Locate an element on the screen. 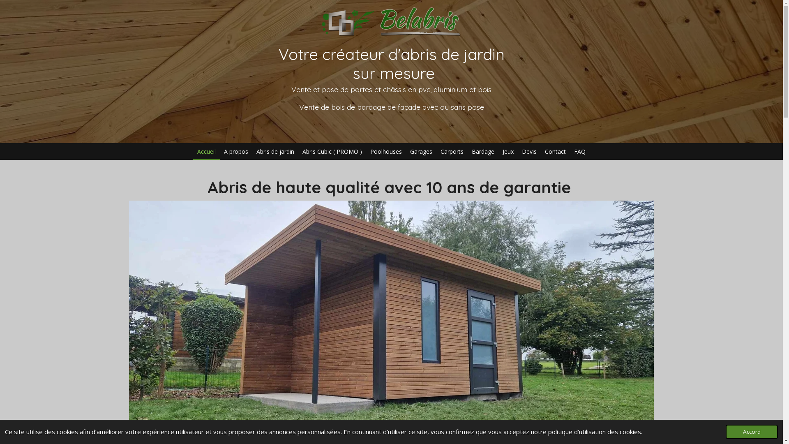 Image resolution: width=789 pixels, height=444 pixels. 'FAQ' is located at coordinates (579, 151).